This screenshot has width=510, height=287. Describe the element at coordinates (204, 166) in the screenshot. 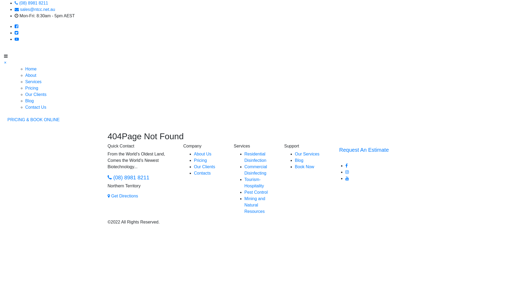

I see `'Our Clients'` at that location.